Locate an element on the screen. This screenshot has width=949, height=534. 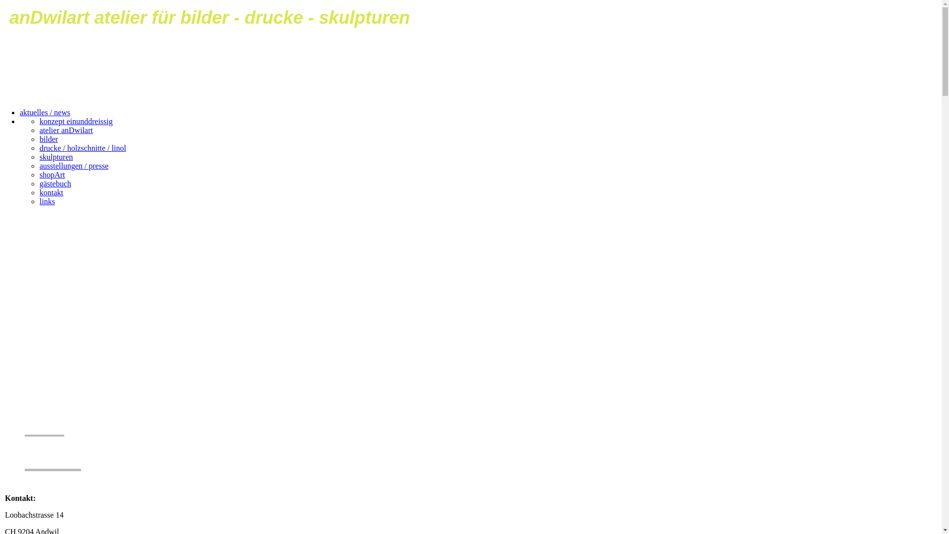
'konzept einunddreissig' is located at coordinates (75, 121).